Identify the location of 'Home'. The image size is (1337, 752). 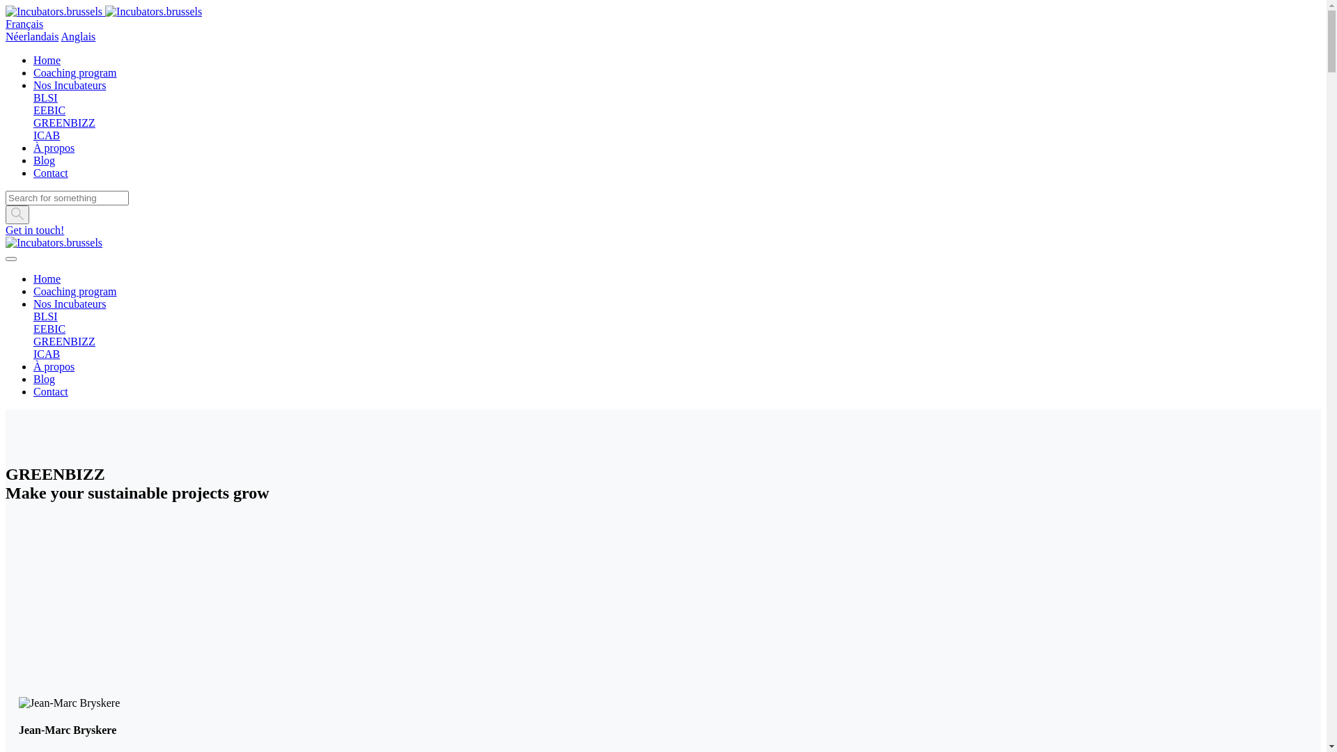
(47, 279).